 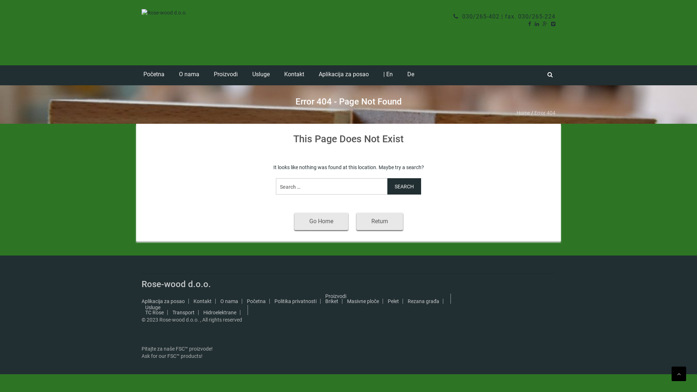 What do you see at coordinates (152, 307) in the screenshot?
I see `'Usluge'` at bounding box center [152, 307].